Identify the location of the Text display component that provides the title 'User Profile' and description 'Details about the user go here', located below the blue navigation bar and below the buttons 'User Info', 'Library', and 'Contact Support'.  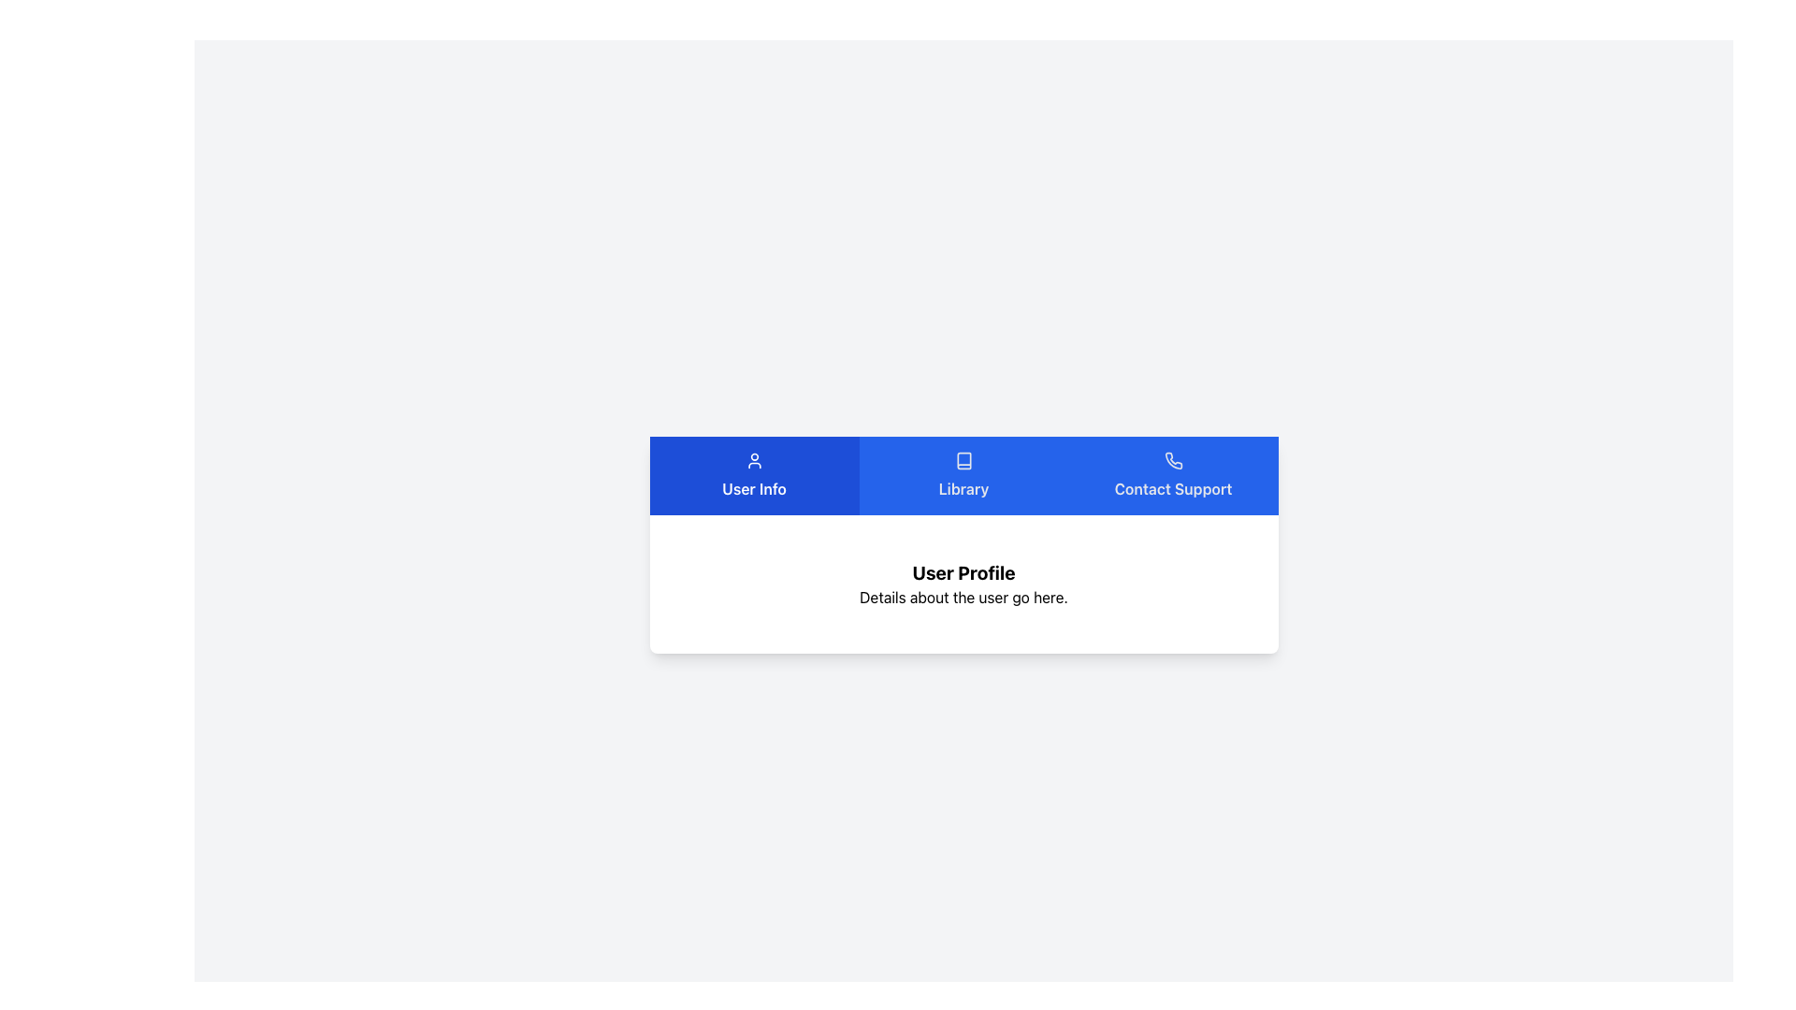
(963, 583).